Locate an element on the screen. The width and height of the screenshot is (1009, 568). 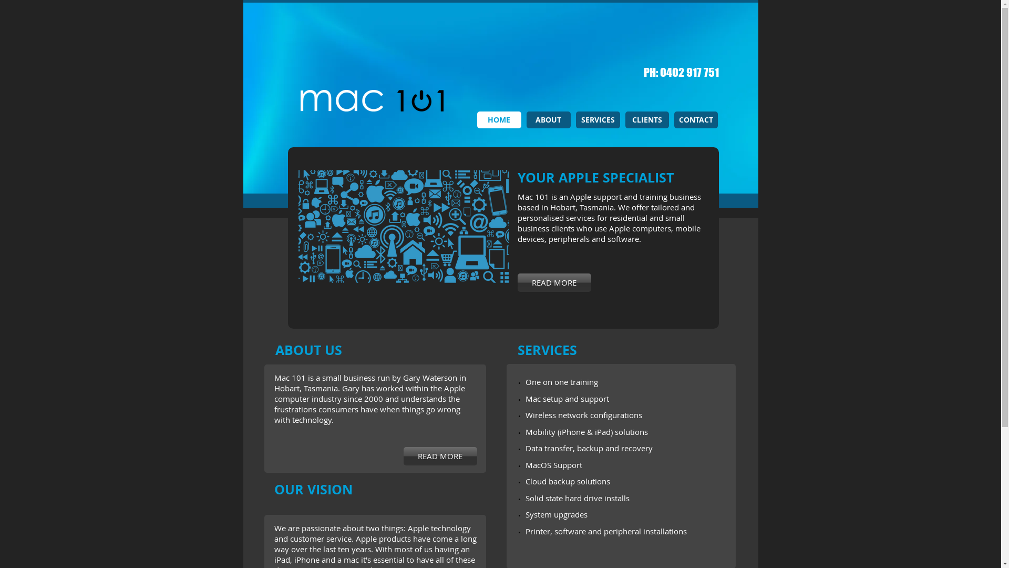
'CLIENTS' is located at coordinates (646, 119).